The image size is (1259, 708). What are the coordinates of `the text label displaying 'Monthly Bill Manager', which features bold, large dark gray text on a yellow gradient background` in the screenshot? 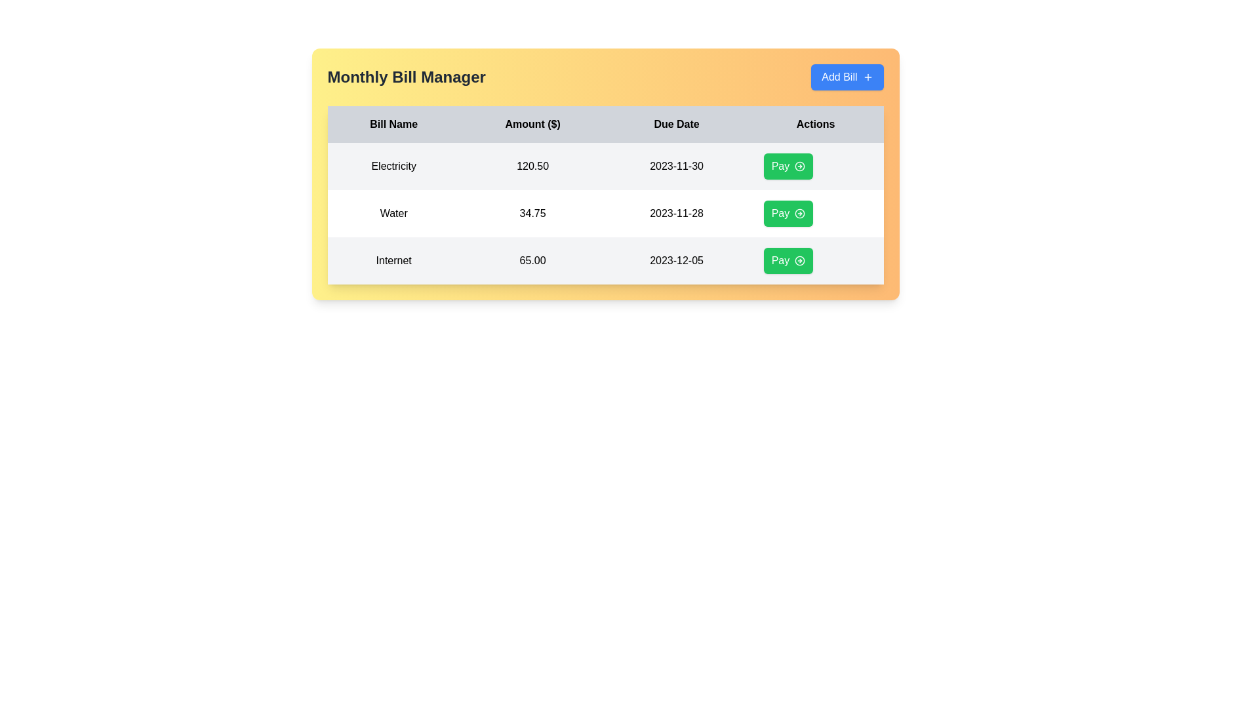 It's located at (406, 77).